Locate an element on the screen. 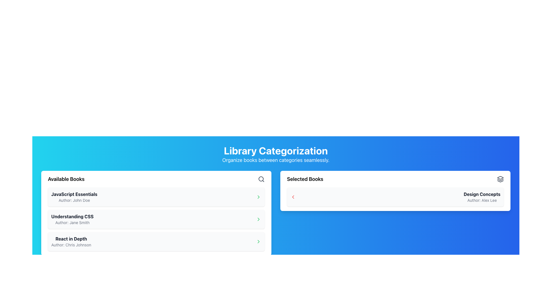 This screenshot has width=535, height=301. the search icon located is located at coordinates (261, 179).